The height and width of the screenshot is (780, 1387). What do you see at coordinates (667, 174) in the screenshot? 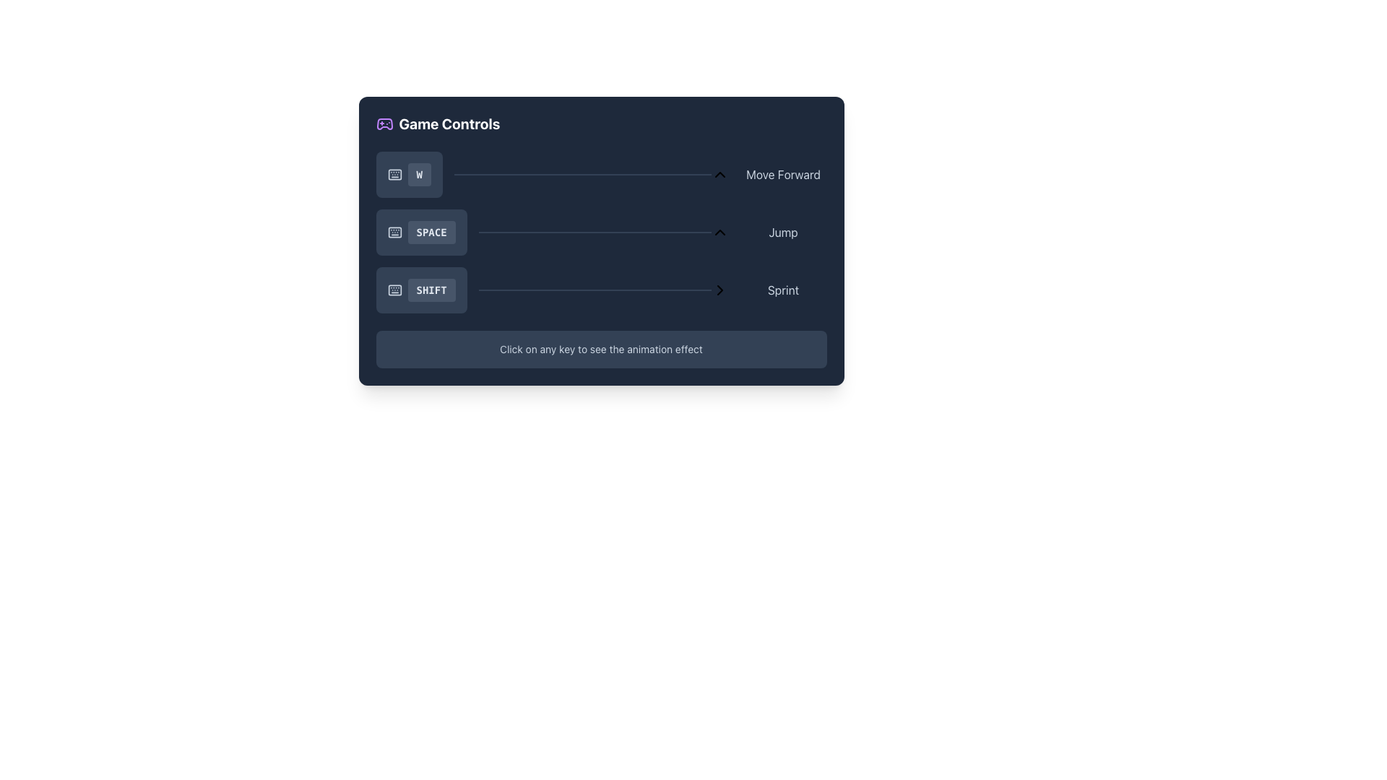
I see `the slider` at bounding box center [667, 174].